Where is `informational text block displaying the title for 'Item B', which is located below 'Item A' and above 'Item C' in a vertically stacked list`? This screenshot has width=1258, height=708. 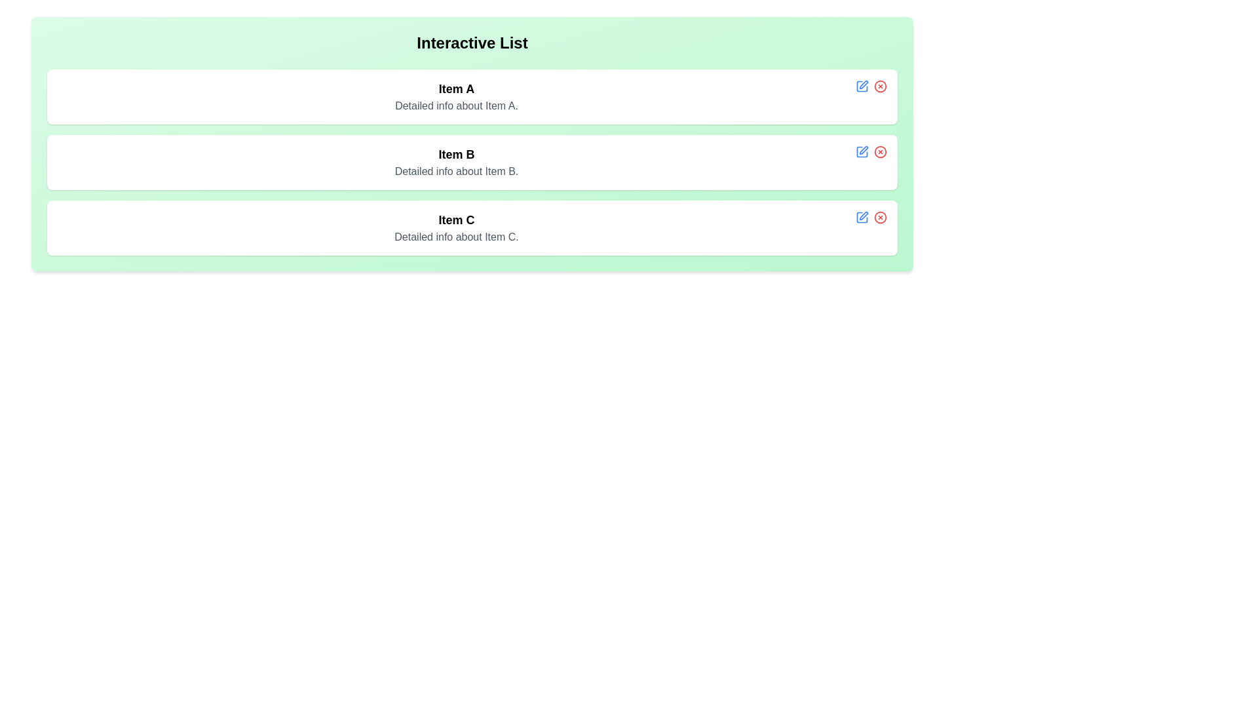
informational text block displaying the title for 'Item B', which is located below 'Item A' and above 'Item C' in a vertically stacked list is located at coordinates (456, 161).